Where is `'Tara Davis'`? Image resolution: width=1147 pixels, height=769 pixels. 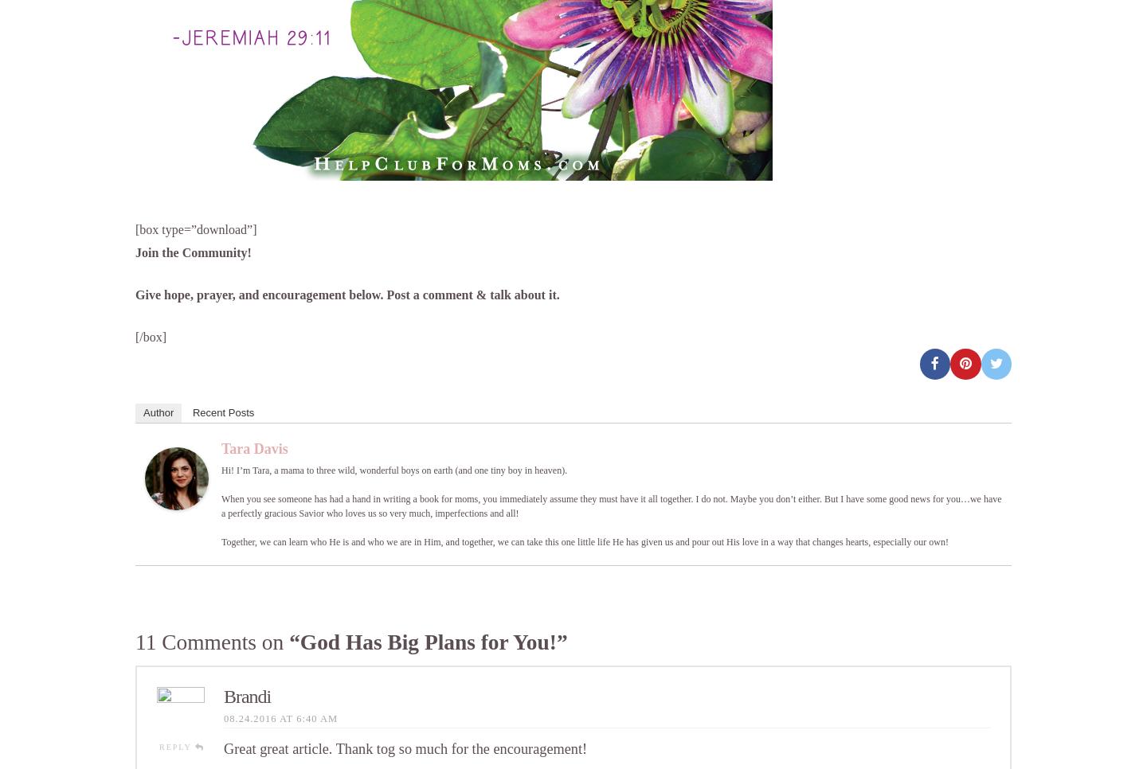
'Tara Davis' is located at coordinates (254, 447).